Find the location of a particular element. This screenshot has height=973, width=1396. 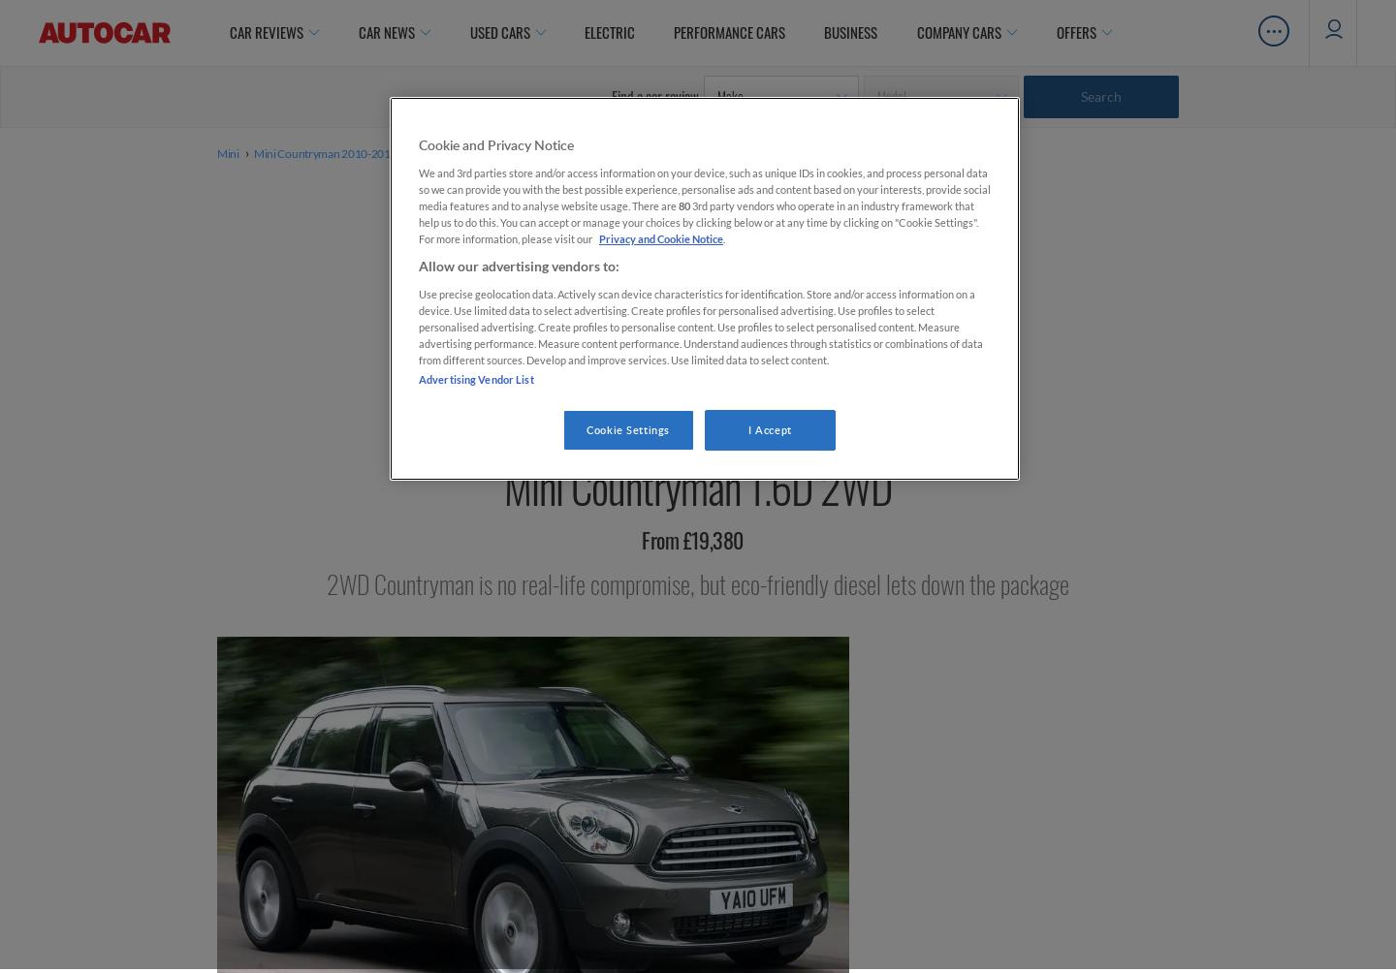

'Mini Countryman 2010-2017' is located at coordinates (324, 152).